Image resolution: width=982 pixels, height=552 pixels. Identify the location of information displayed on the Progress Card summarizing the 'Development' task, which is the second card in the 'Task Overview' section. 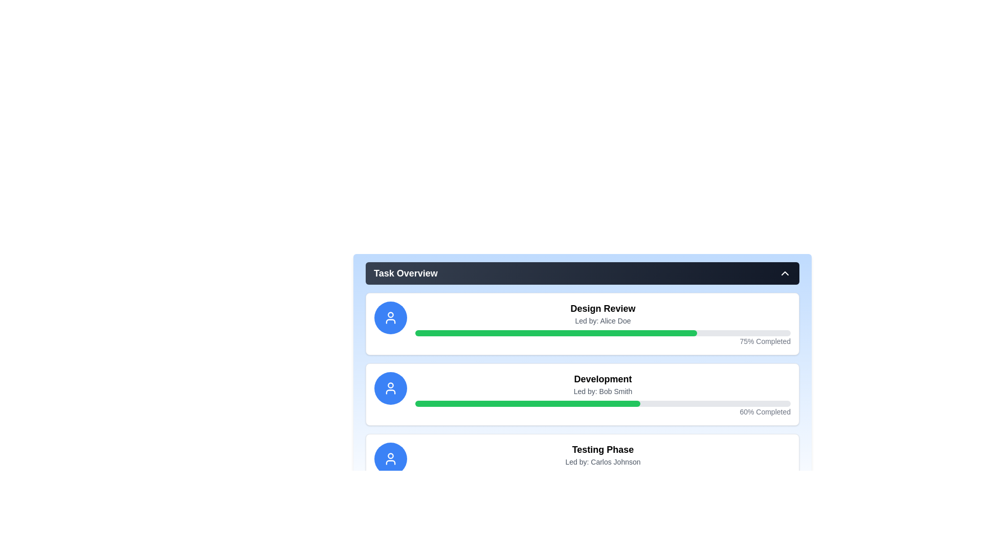
(582, 394).